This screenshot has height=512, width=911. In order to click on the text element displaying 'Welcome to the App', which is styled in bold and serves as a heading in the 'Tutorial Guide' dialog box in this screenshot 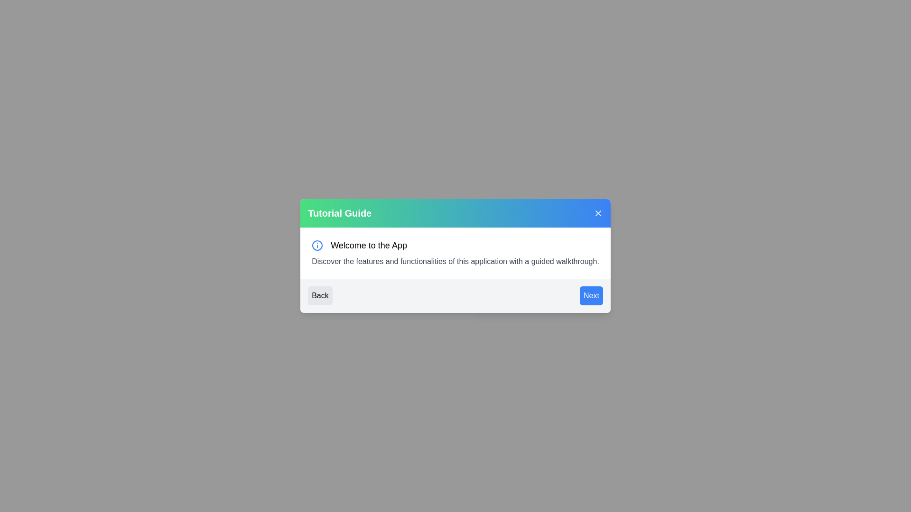, I will do `click(368, 245)`.